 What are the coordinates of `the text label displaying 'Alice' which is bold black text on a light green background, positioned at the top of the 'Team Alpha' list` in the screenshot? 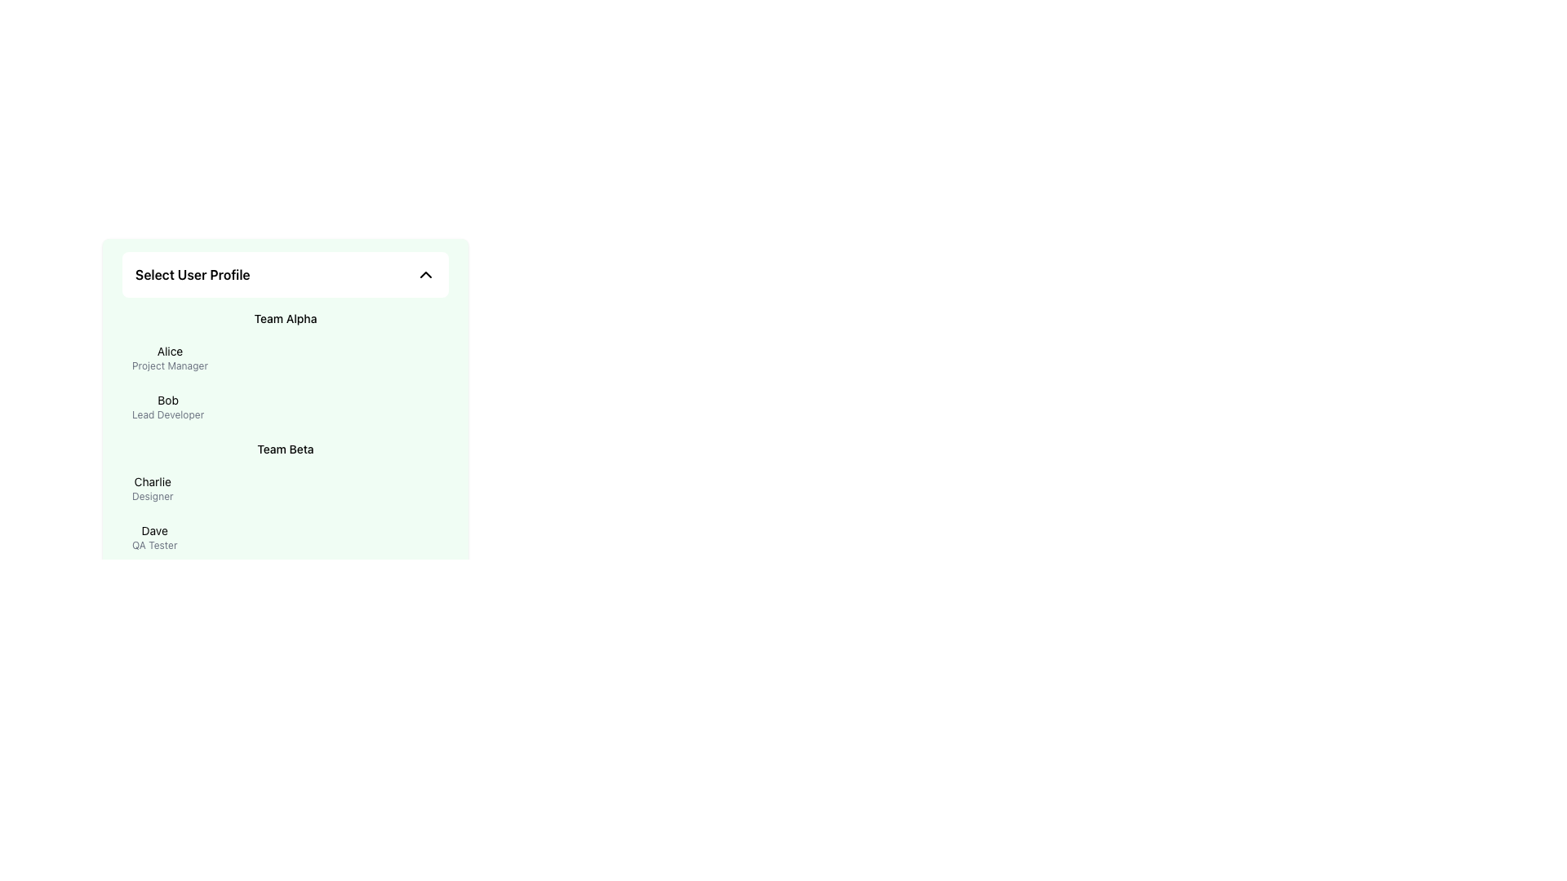 It's located at (170, 357).